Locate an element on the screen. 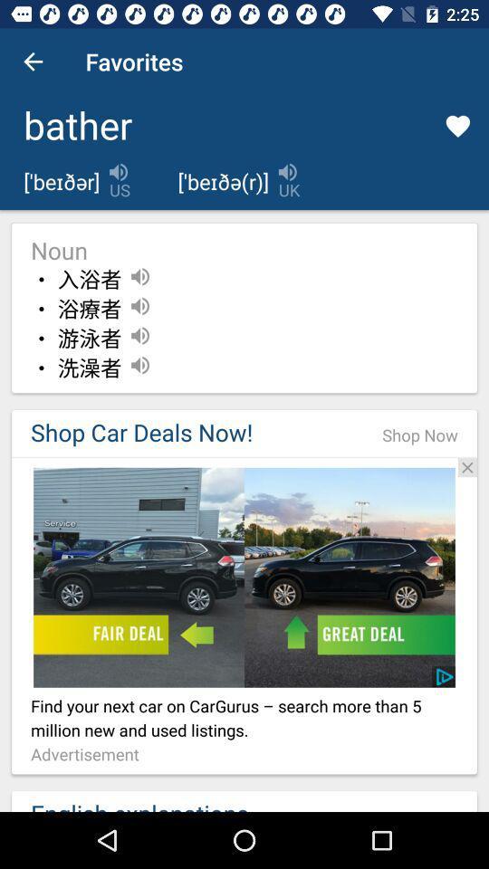 This screenshot has height=869, width=489. the third speaker icon is located at coordinates (139, 335).